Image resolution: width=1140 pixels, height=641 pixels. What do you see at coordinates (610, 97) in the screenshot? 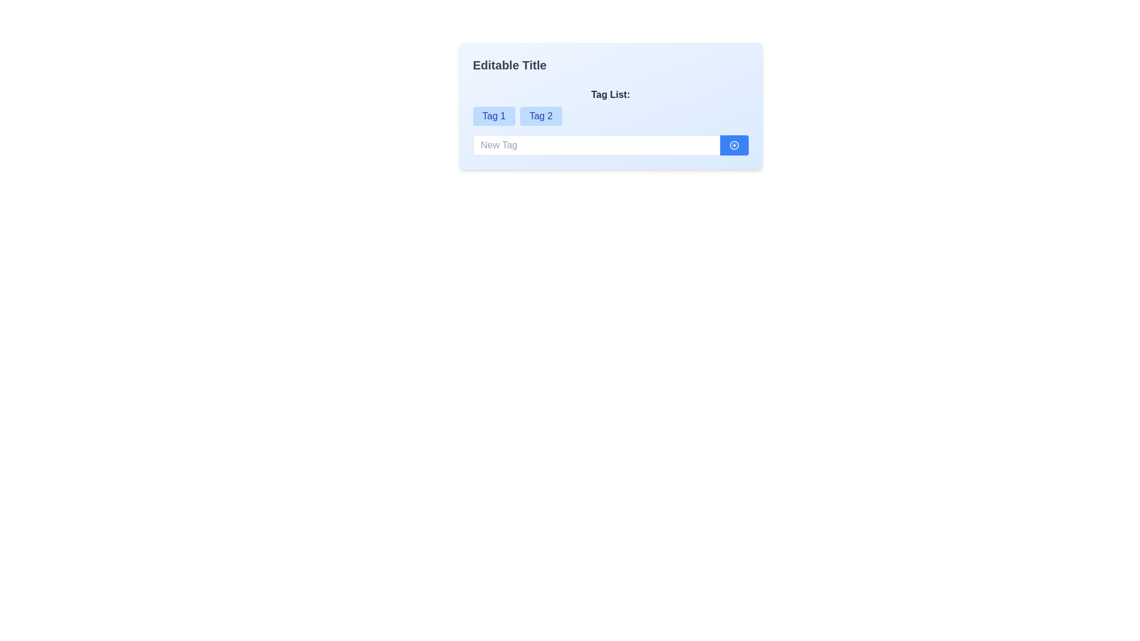
I see `the text label that serves as a header for the list of tags, located at the top-middle section of the interface, above 'Tag 1' and 'Tag 2'` at bounding box center [610, 97].